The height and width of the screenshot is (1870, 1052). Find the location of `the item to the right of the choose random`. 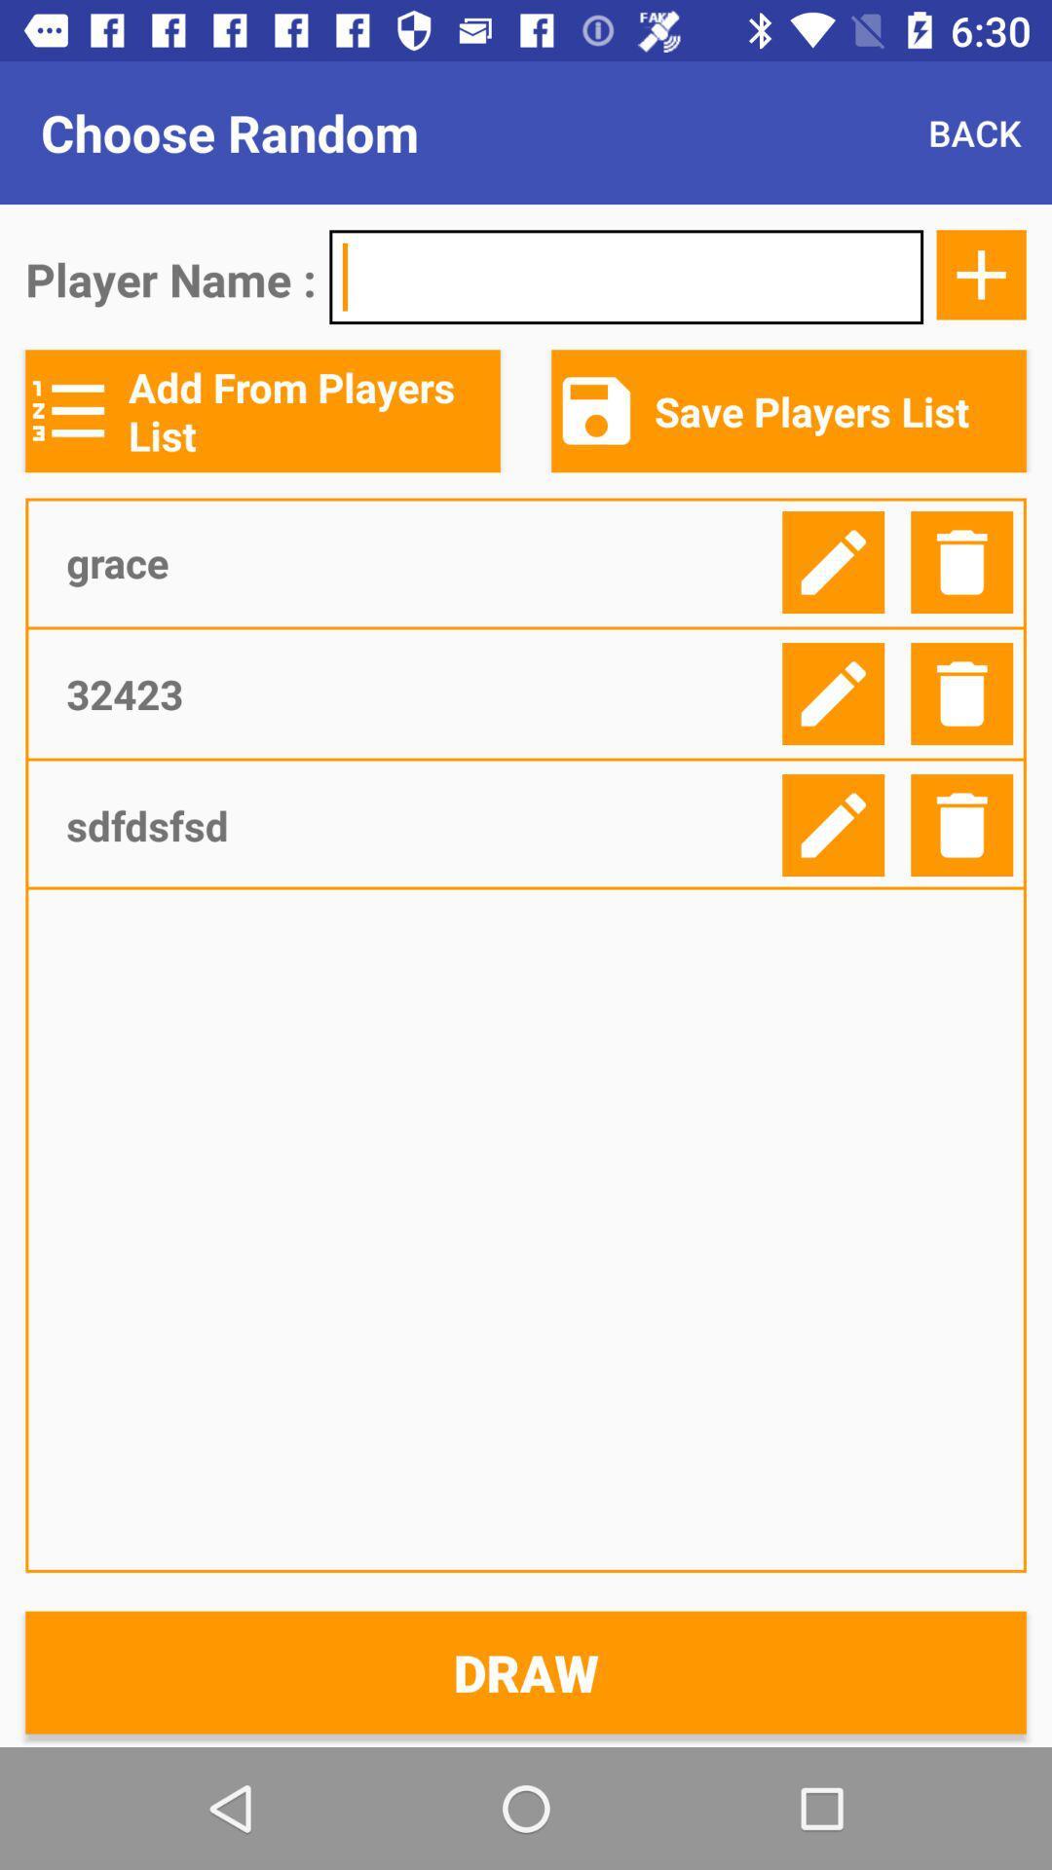

the item to the right of the choose random is located at coordinates (974, 131).